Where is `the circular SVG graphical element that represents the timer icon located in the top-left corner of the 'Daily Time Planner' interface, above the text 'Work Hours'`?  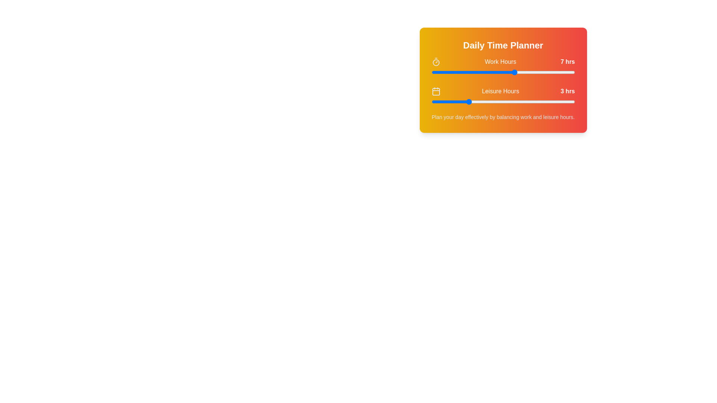 the circular SVG graphical element that represents the timer icon located in the top-left corner of the 'Daily Time Planner' interface, above the text 'Work Hours' is located at coordinates (436, 62).